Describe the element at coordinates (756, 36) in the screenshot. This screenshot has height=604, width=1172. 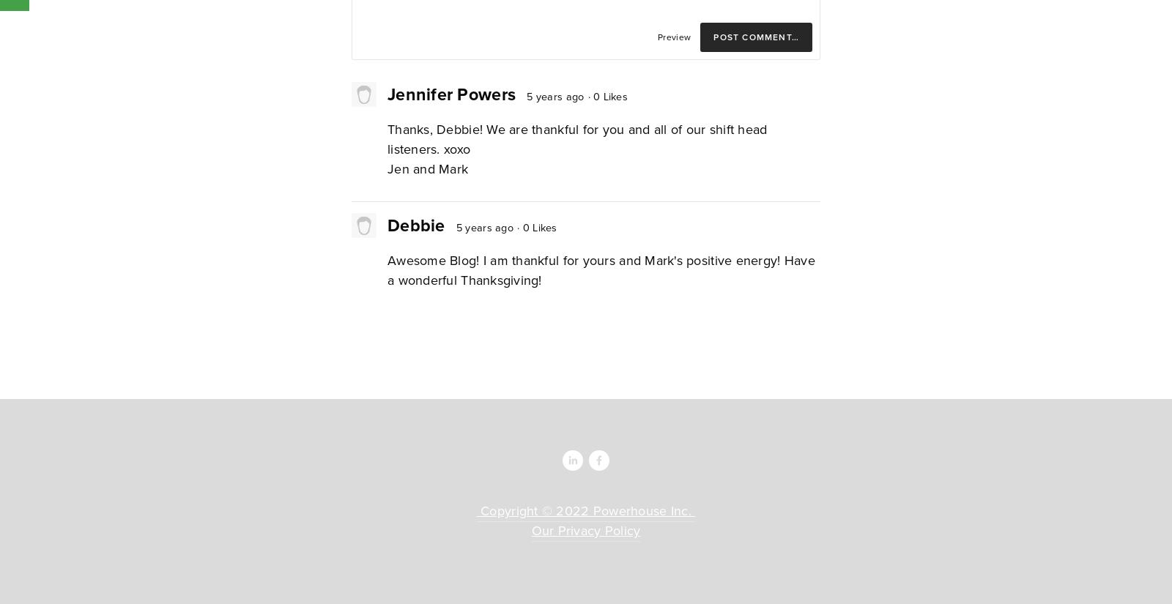
I see `'Post Comment…'` at that location.